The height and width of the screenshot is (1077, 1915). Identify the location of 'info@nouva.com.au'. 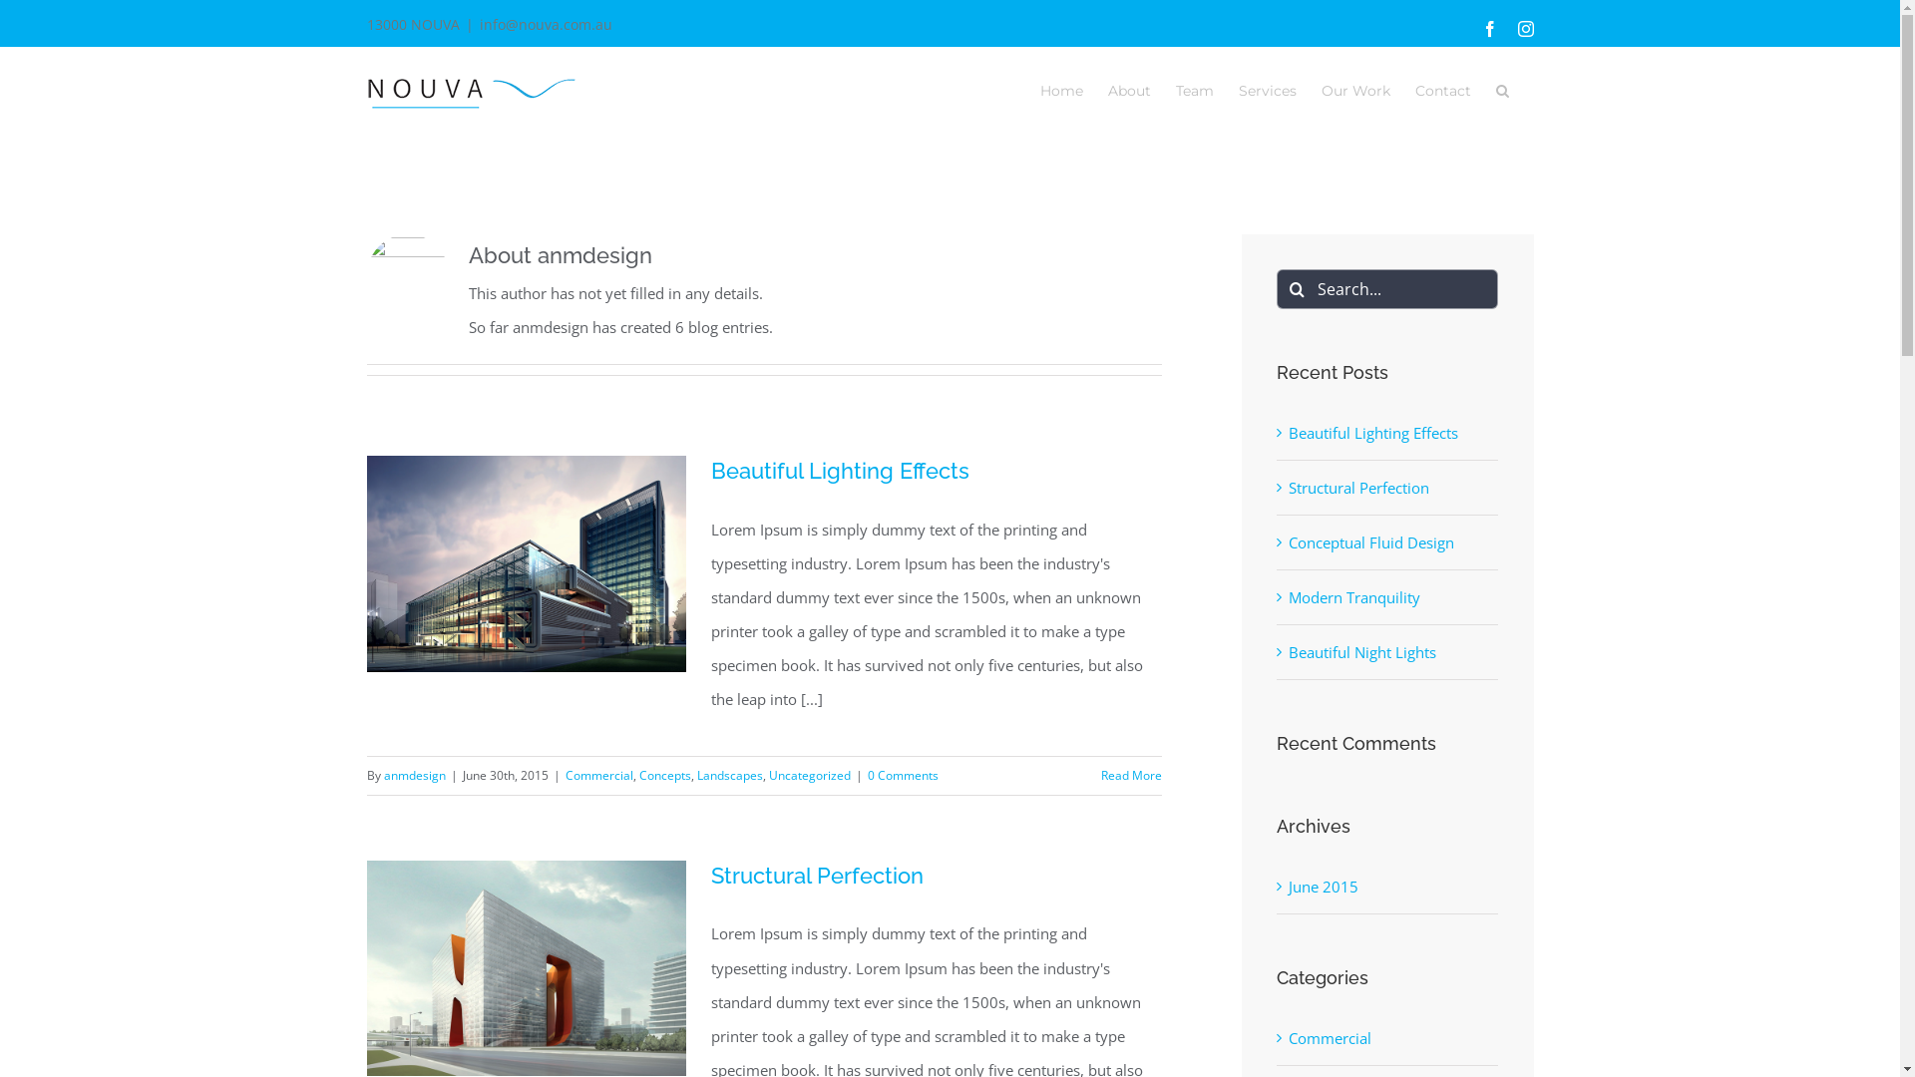
(545, 24).